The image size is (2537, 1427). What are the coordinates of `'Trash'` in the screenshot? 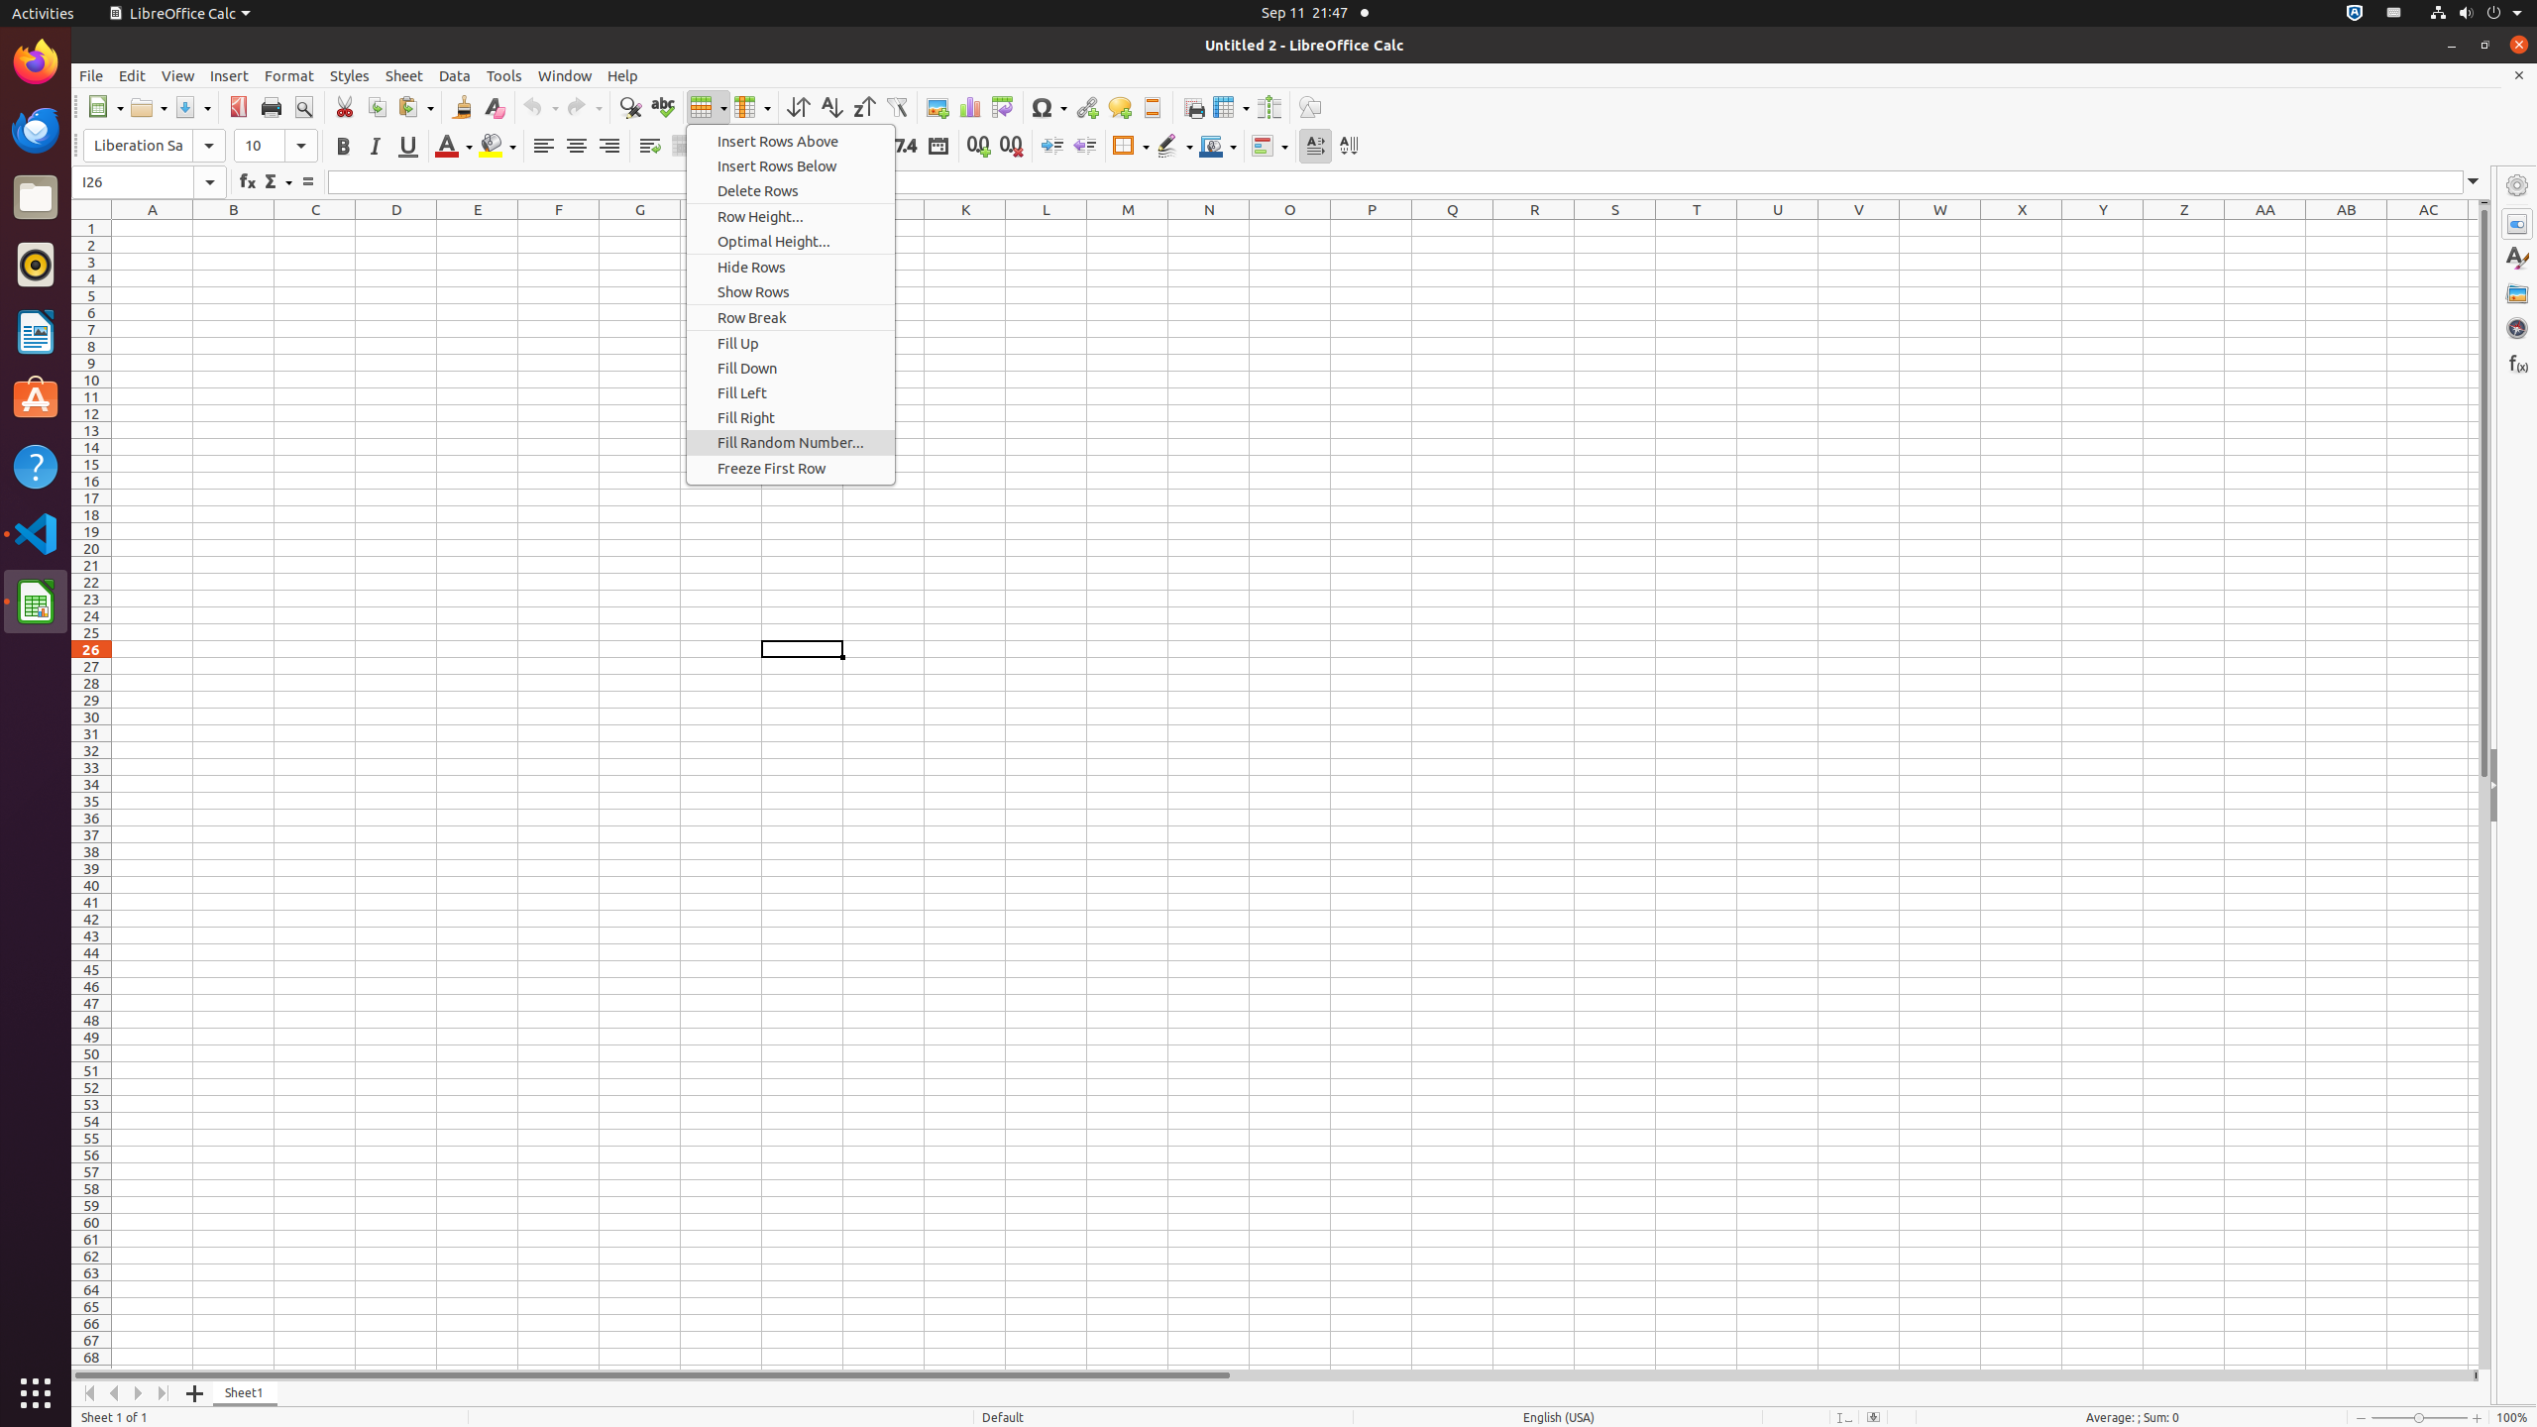 It's located at (132, 187).